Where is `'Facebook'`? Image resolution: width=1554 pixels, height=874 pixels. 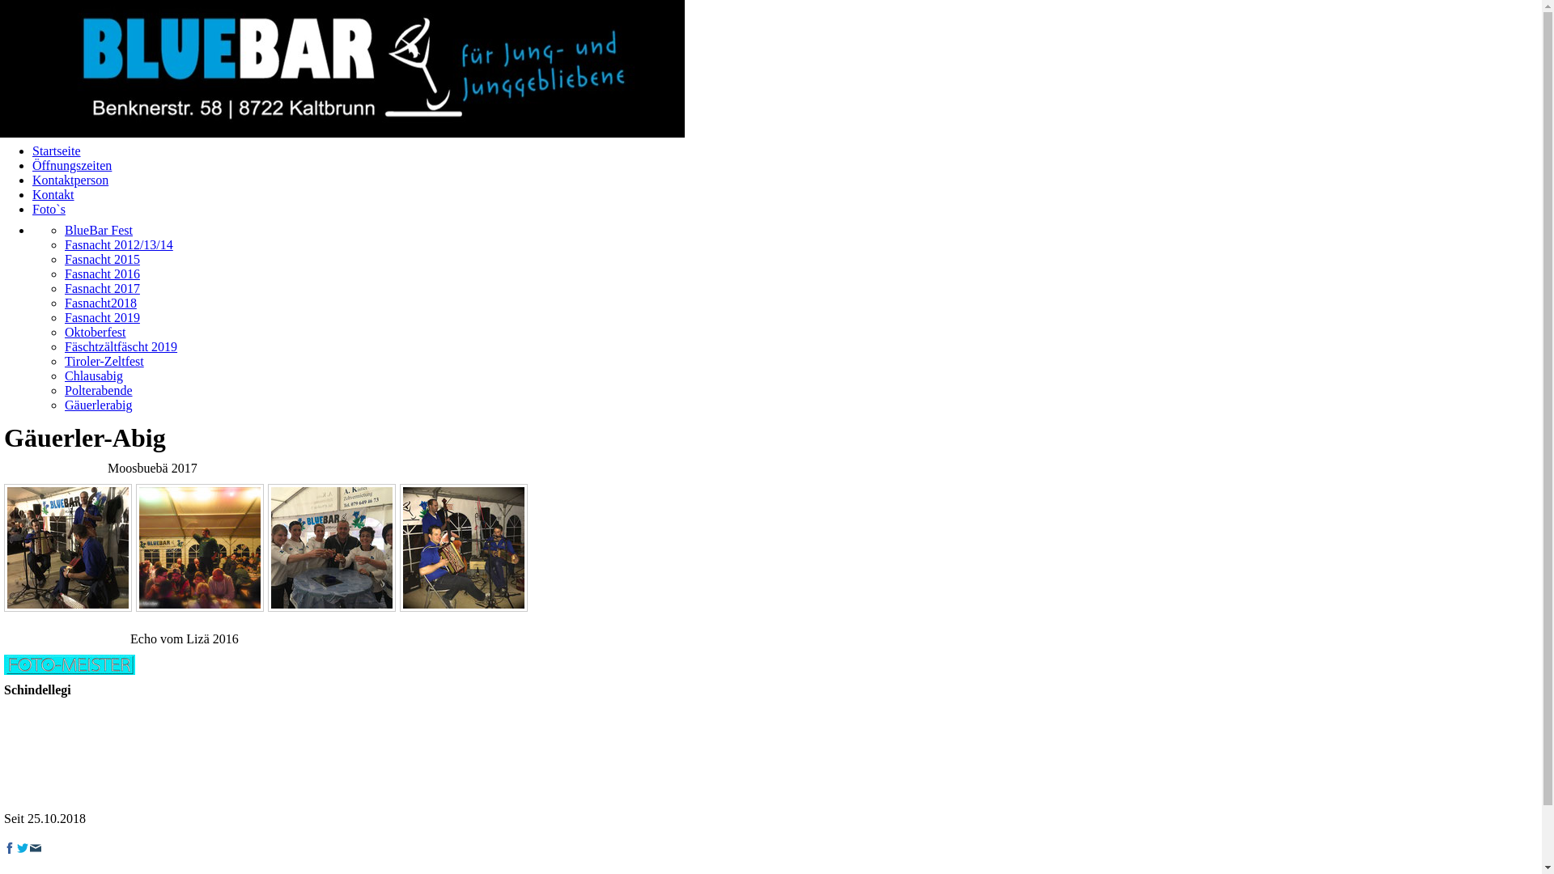 'Facebook' is located at coordinates (9, 847).